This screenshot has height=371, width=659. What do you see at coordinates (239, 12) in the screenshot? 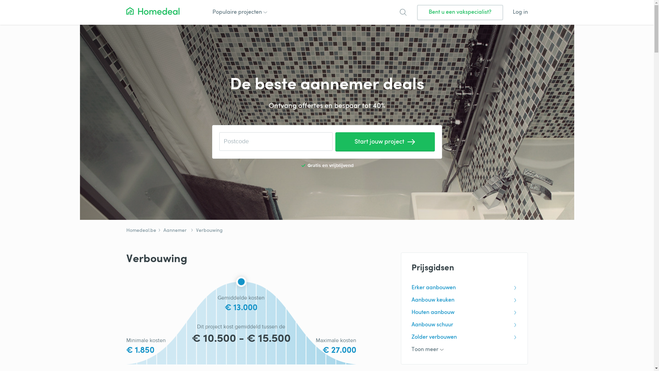
I see `'Populaire projecten'` at bounding box center [239, 12].